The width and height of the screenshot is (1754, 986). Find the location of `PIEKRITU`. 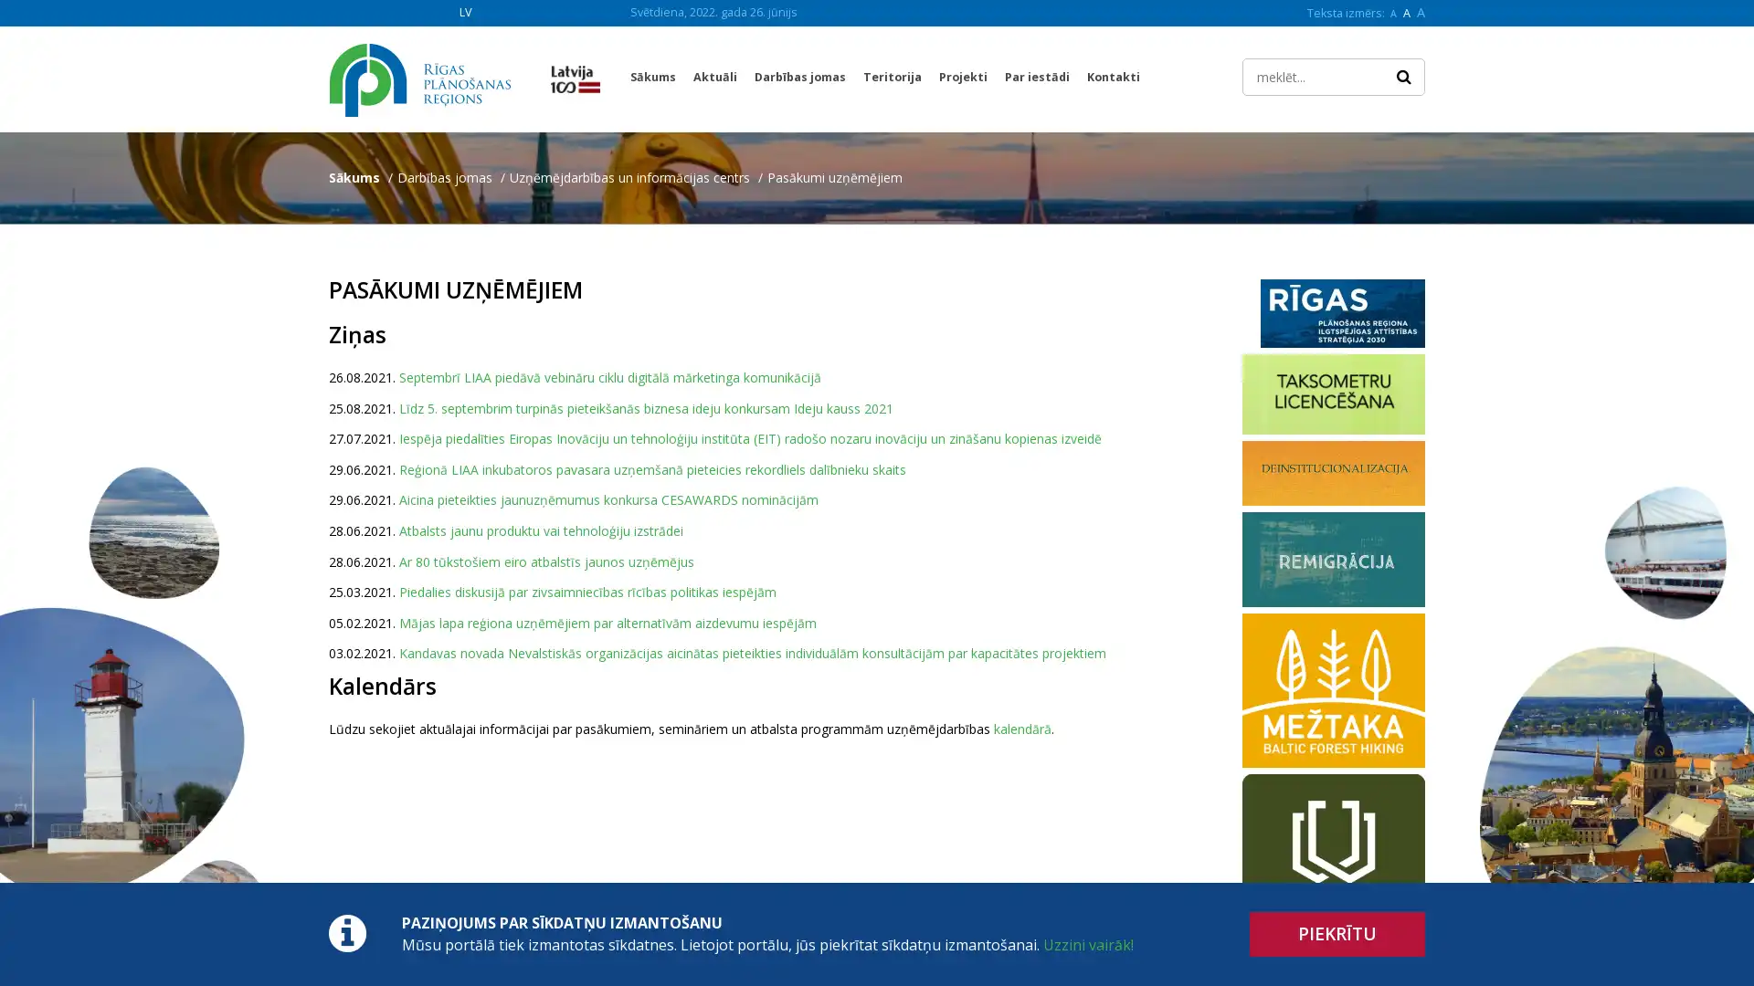

PIEKRITU is located at coordinates (1337, 934).